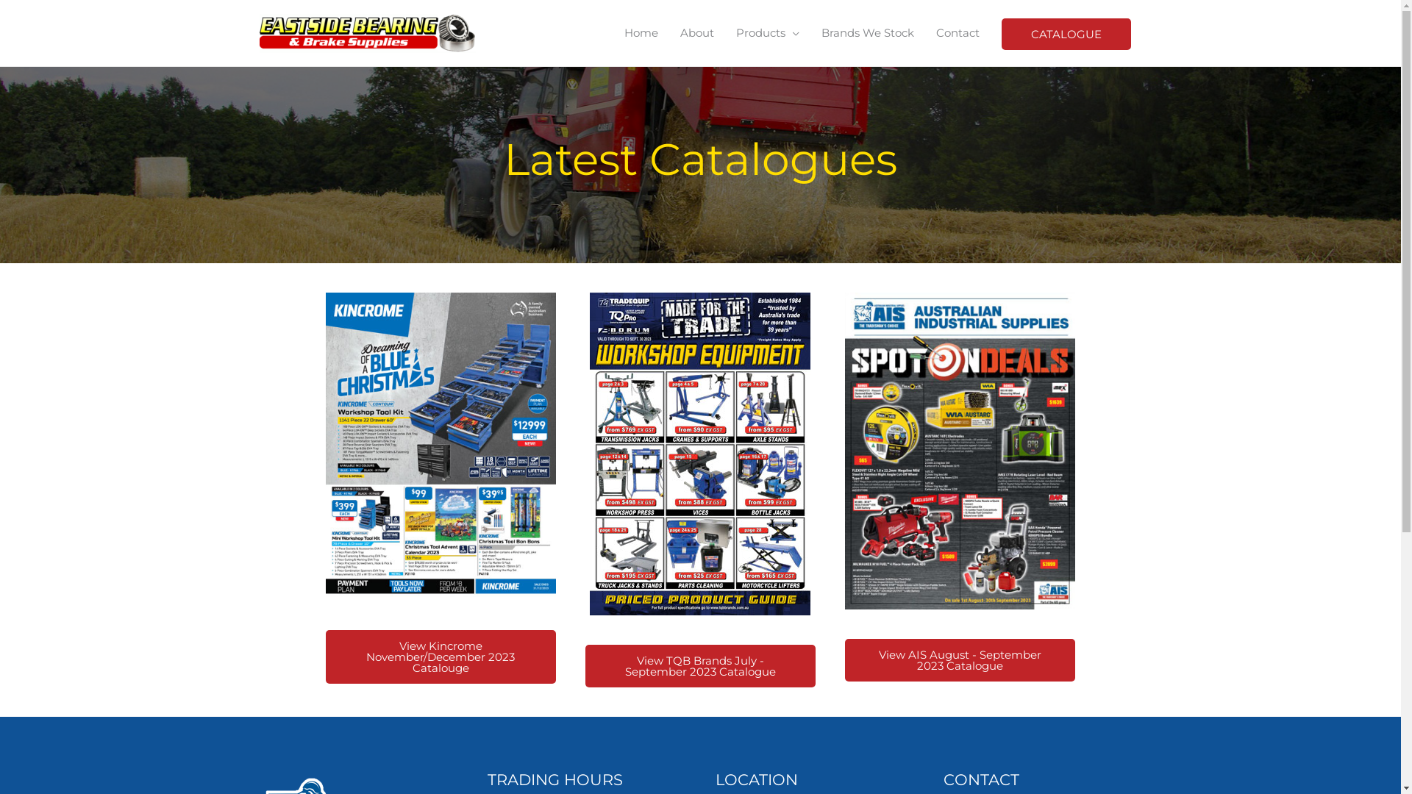 Image resolution: width=1412 pixels, height=794 pixels. Describe the element at coordinates (439, 656) in the screenshot. I see `'View Kincrome November/December 2023 Catalouge'` at that location.